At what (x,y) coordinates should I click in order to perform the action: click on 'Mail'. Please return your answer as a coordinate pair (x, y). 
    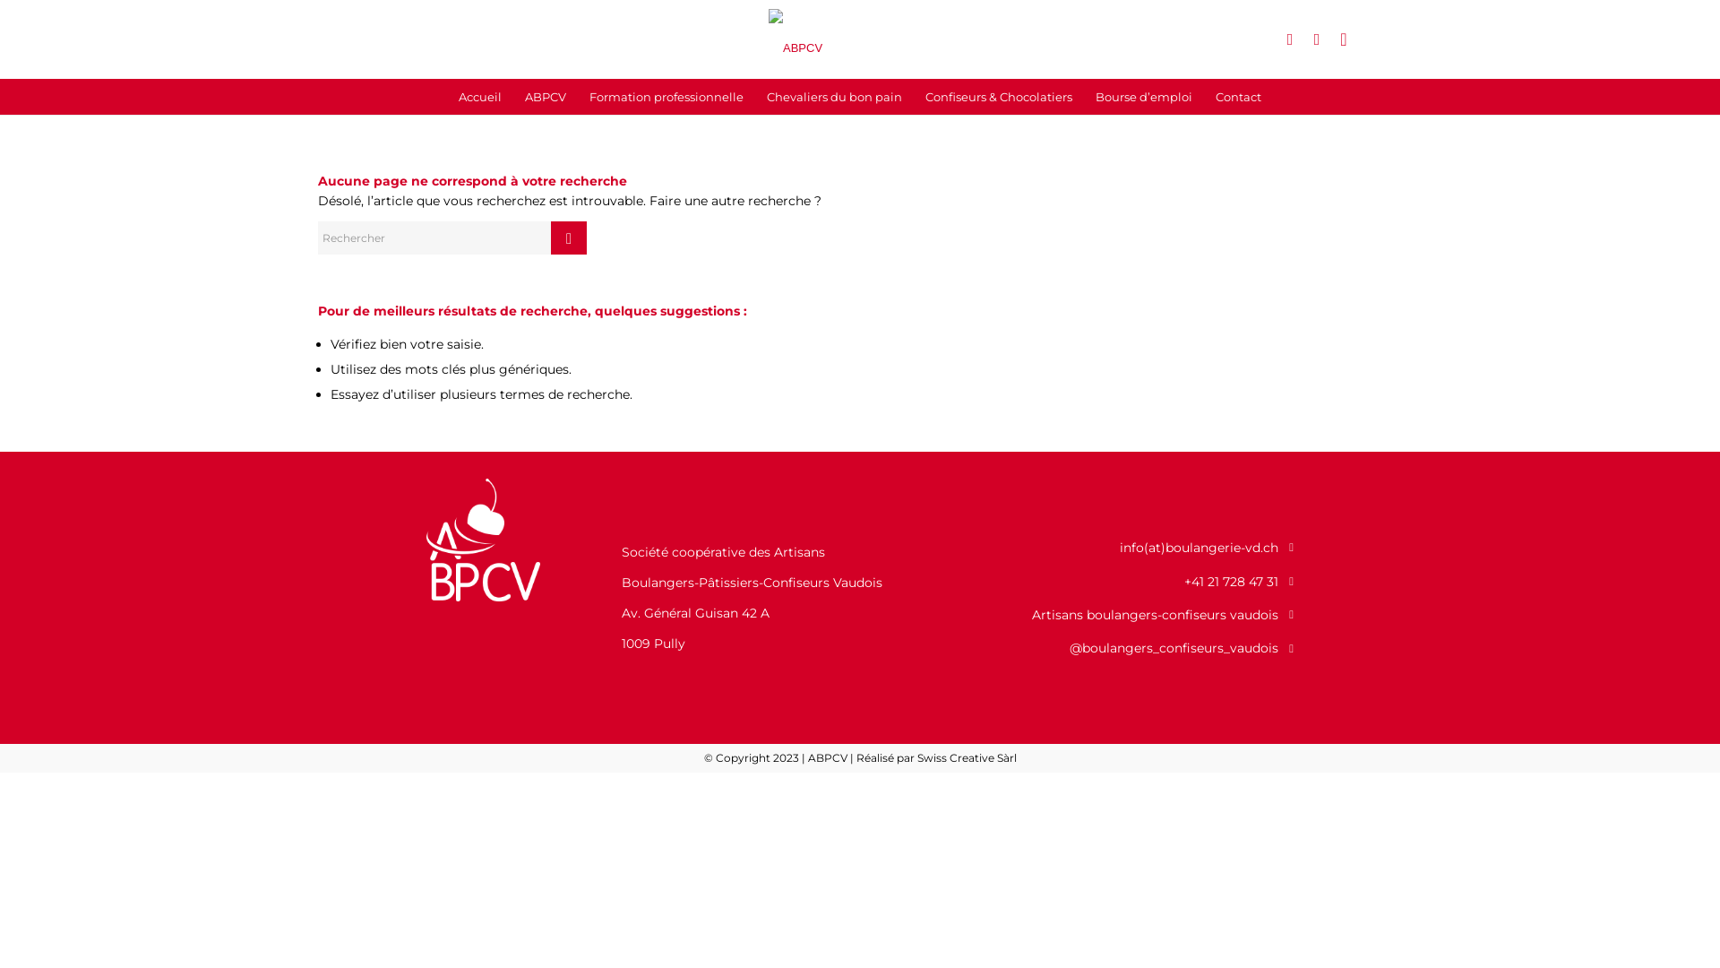
    Looking at the image, I should click on (1343, 39).